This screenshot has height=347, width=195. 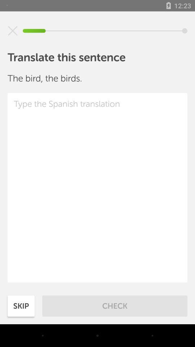 I want to click on item above translate this sentence, so click(x=13, y=31).